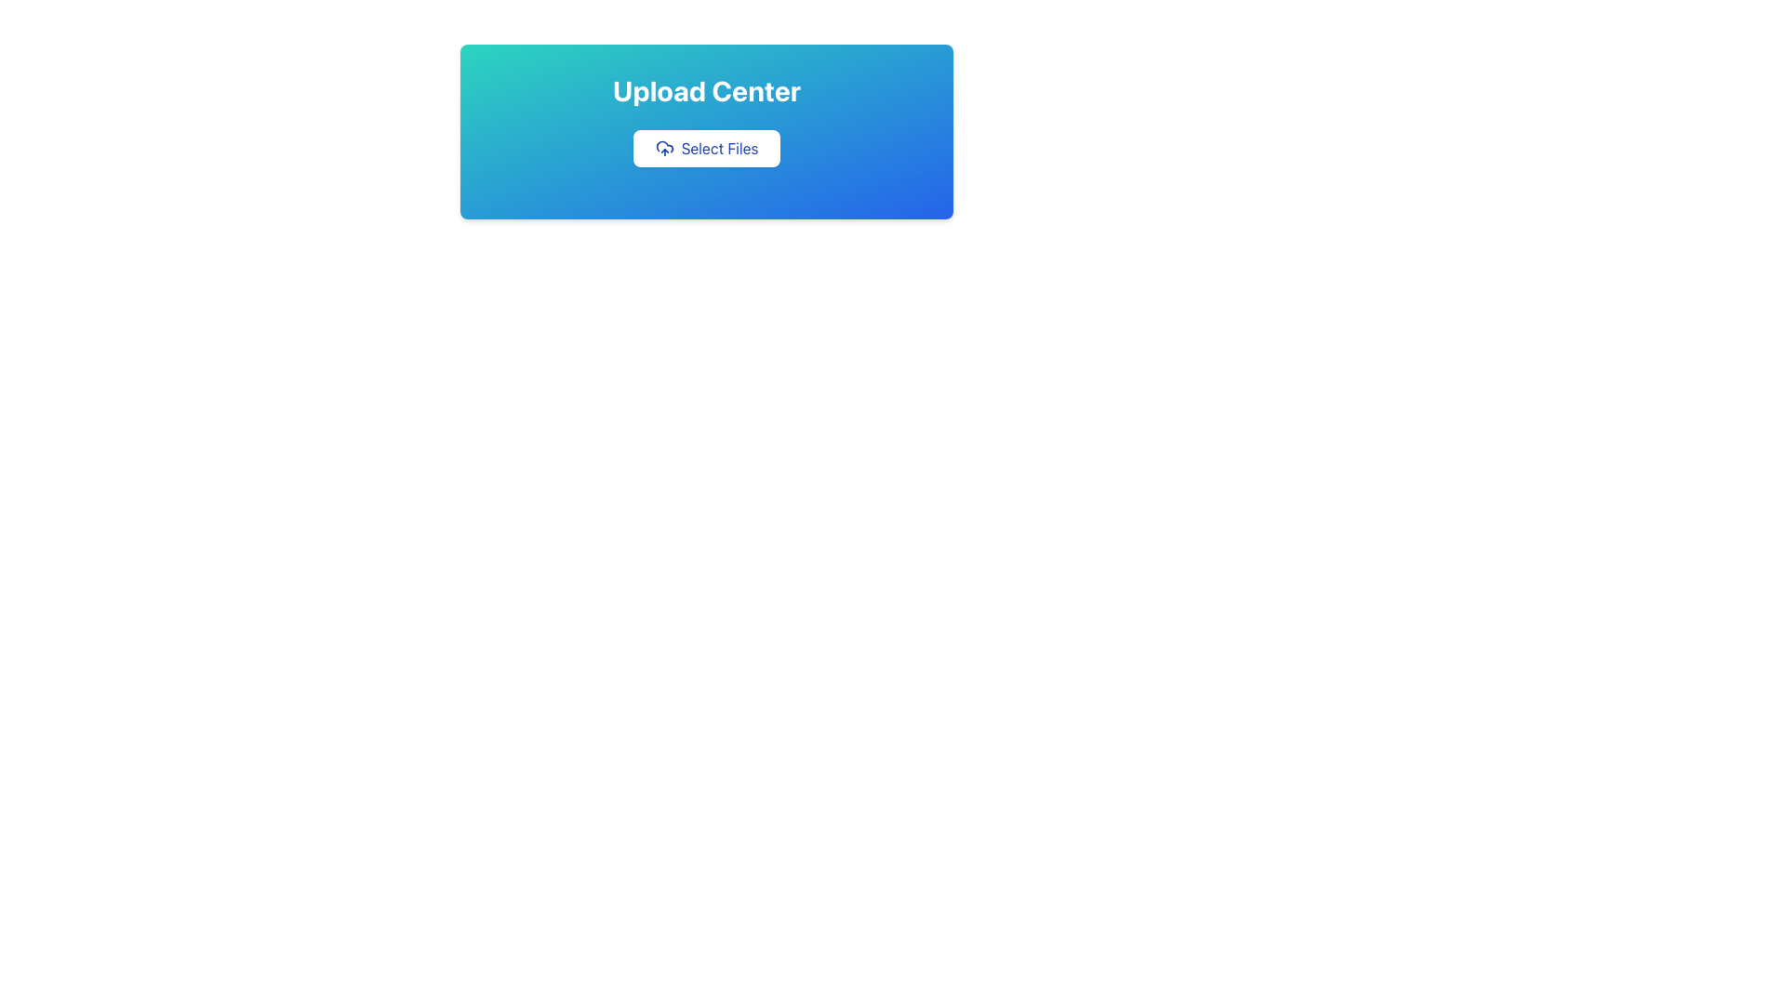  What do you see at coordinates (705, 147) in the screenshot?
I see `the 'Select Files' button, which is a white rectangular button with rounded corners and a blue text label, located below the 'Upload Center' text` at bounding box center [705, 147].